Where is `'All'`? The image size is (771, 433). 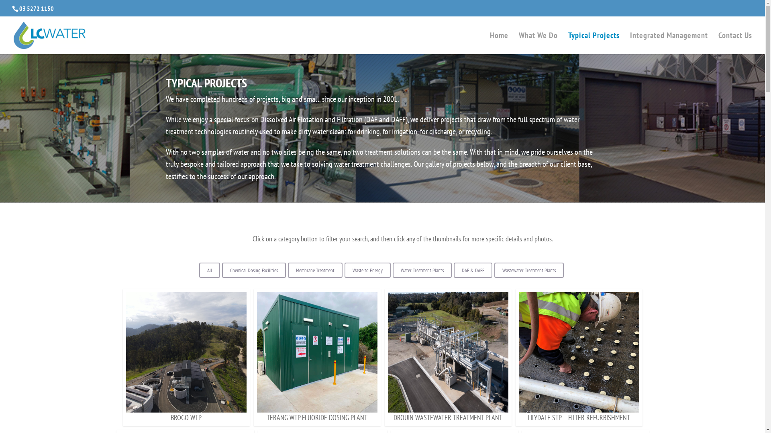 'All' is located at coordinates (210, 270).